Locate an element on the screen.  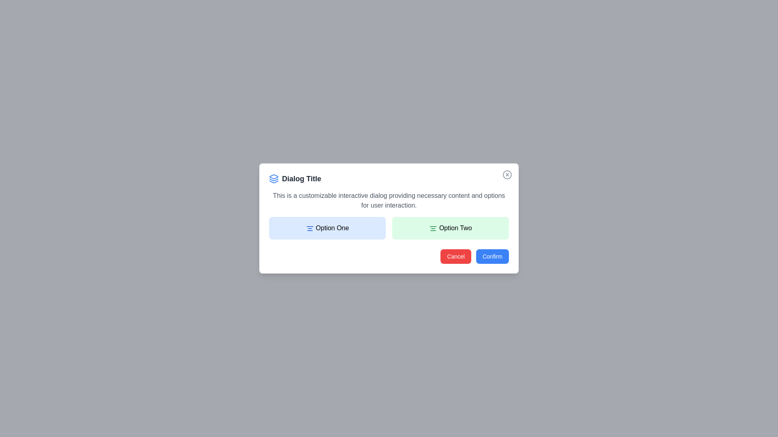
the center of the 'Option Two' section is located at coordinates (450, 228).